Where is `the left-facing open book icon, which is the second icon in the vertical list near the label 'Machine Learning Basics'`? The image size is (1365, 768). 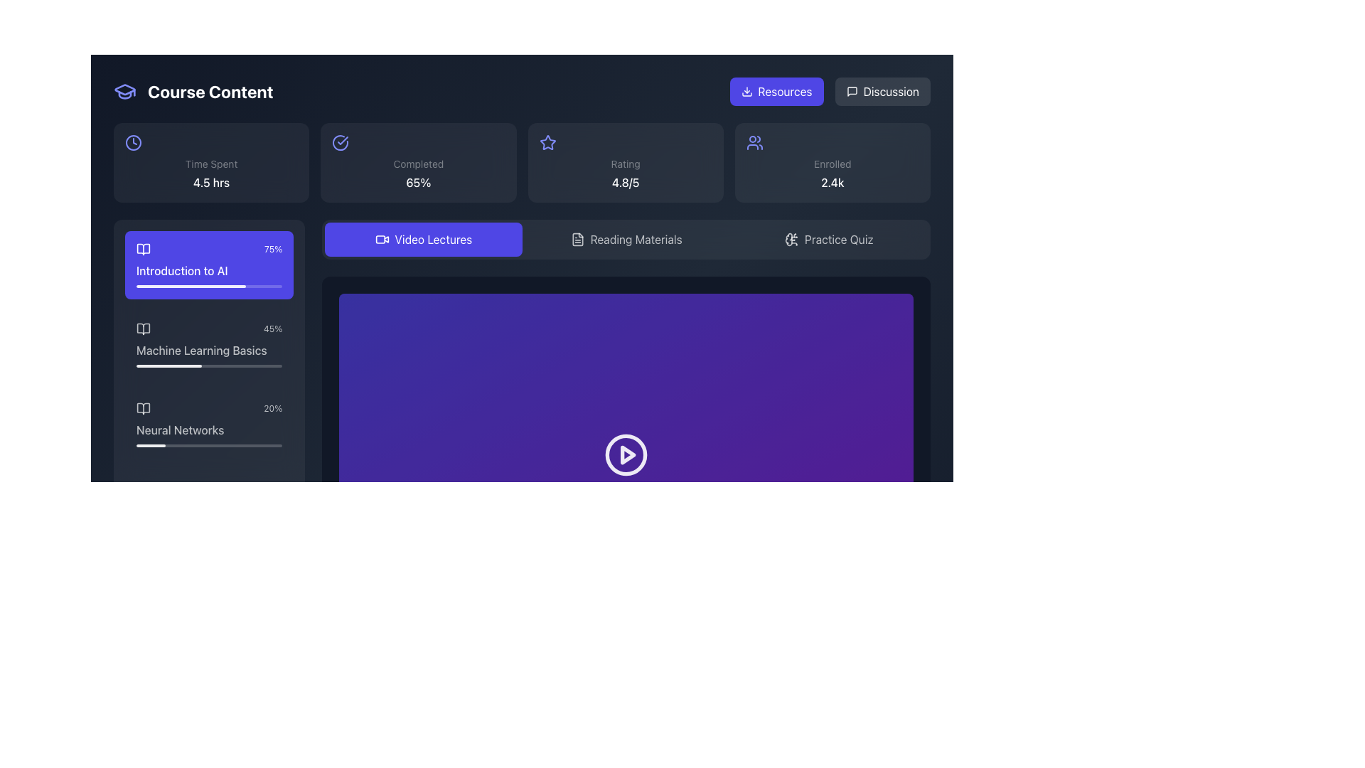
the left-facing open book icon, which is the second icon in the vertical list near the label 'Machine Learning Basics' is located at coordinates (143, 329).